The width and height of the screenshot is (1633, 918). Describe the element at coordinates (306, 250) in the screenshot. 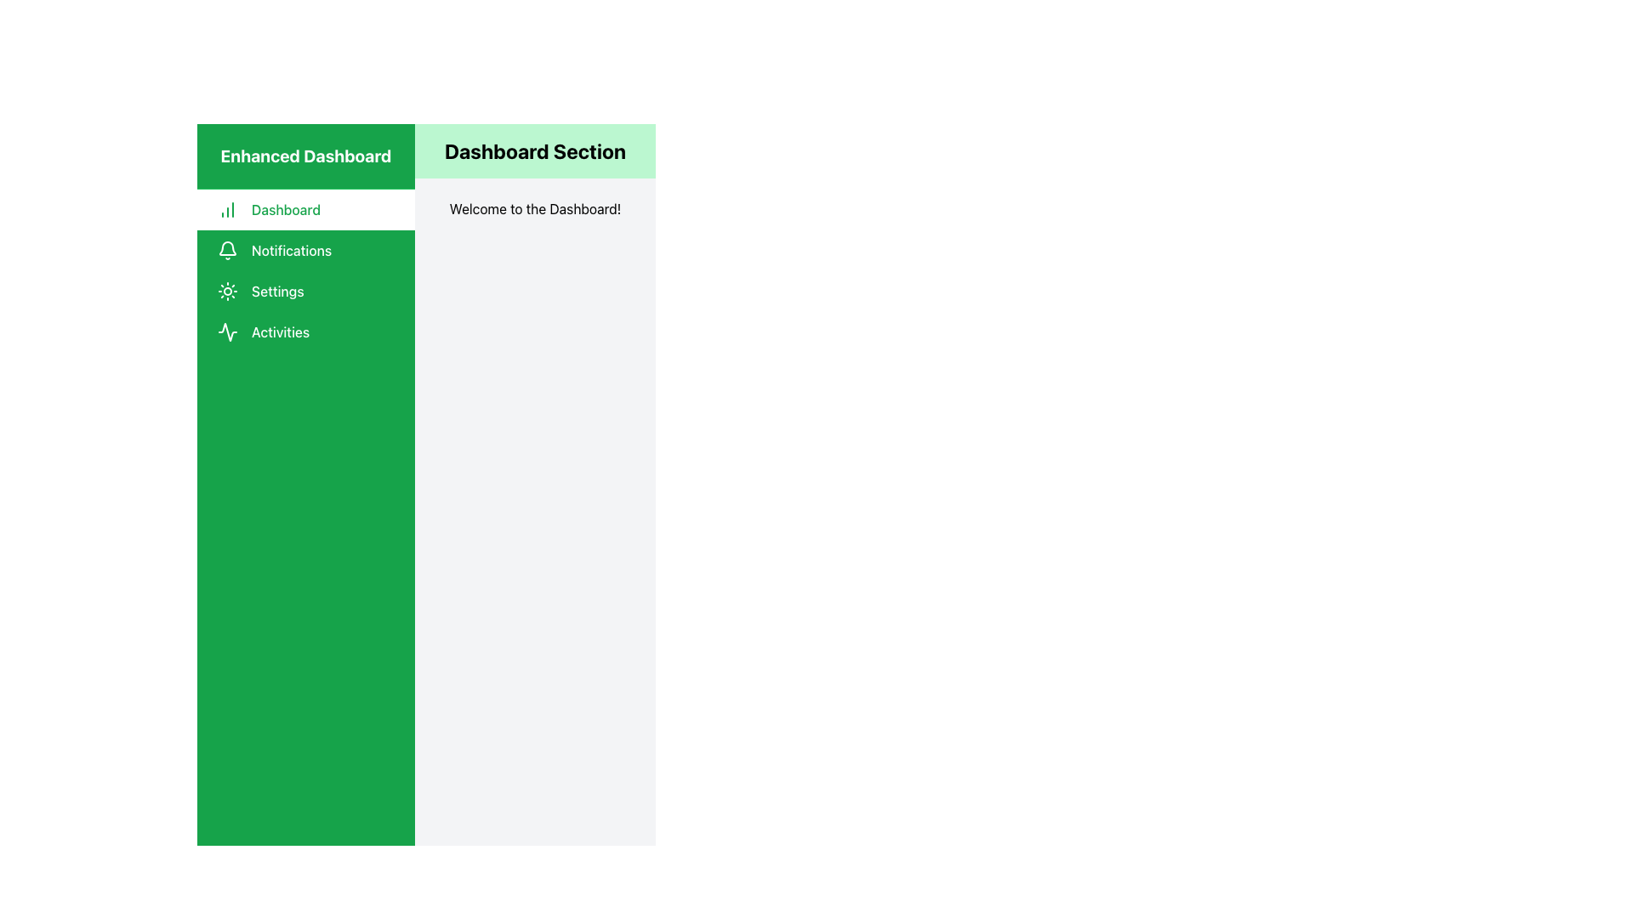

I see `the notifications button located in the vertical menu on the left sidebar, positioned between the 'Dashboard' and 'Settings' items` at that location.